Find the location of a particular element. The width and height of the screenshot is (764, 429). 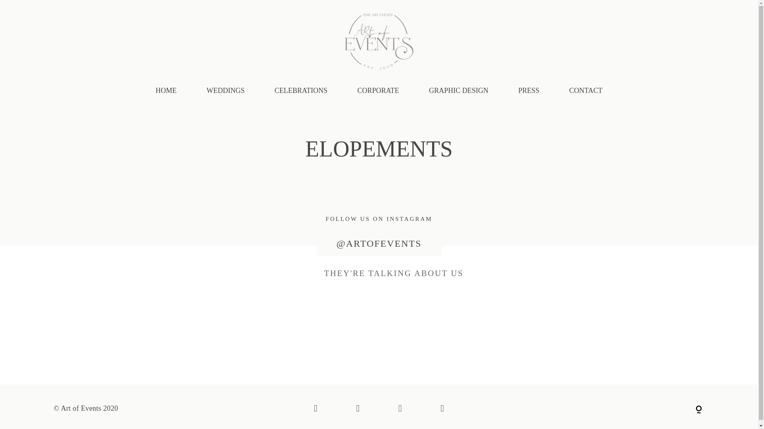

'CORPORATE' is located at coordinates (378, 90).